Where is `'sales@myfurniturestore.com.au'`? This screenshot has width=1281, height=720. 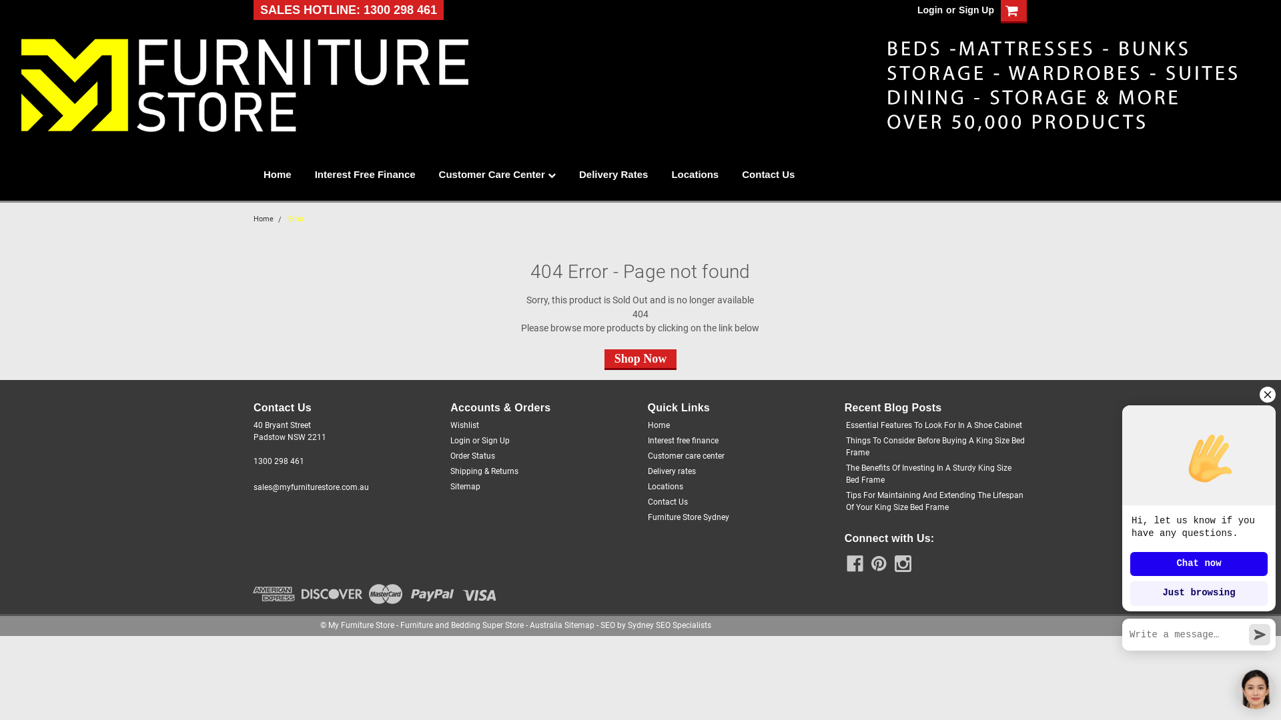 'sales@myfurniturestore.com.au' is located at coordinates (310, 487).